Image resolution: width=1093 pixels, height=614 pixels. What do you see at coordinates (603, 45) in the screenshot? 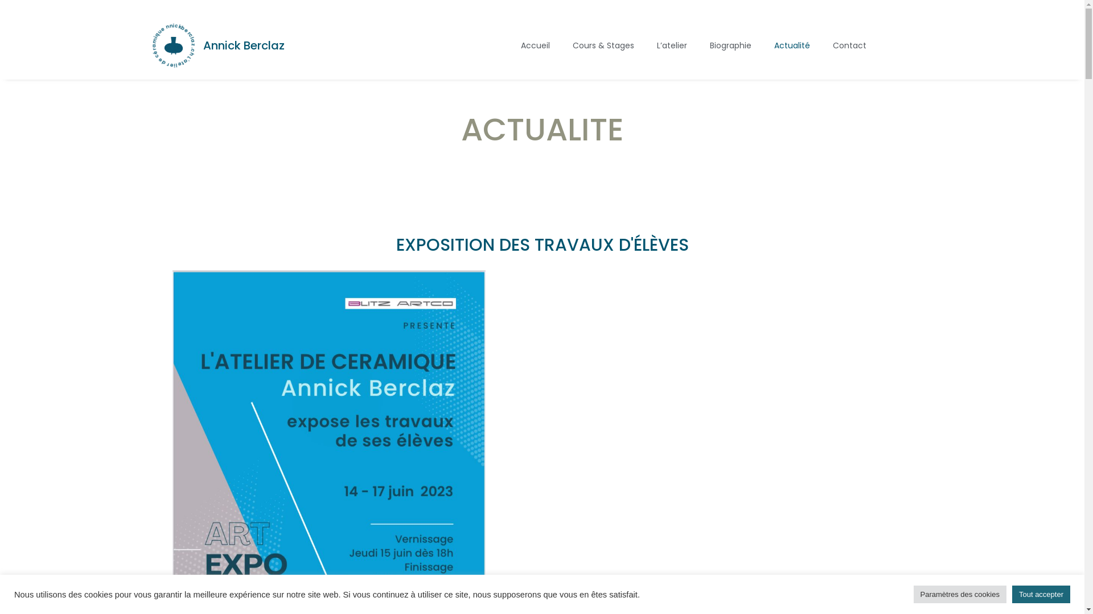
I see `'Cours & Stages'` at bounding box center [603, 45].